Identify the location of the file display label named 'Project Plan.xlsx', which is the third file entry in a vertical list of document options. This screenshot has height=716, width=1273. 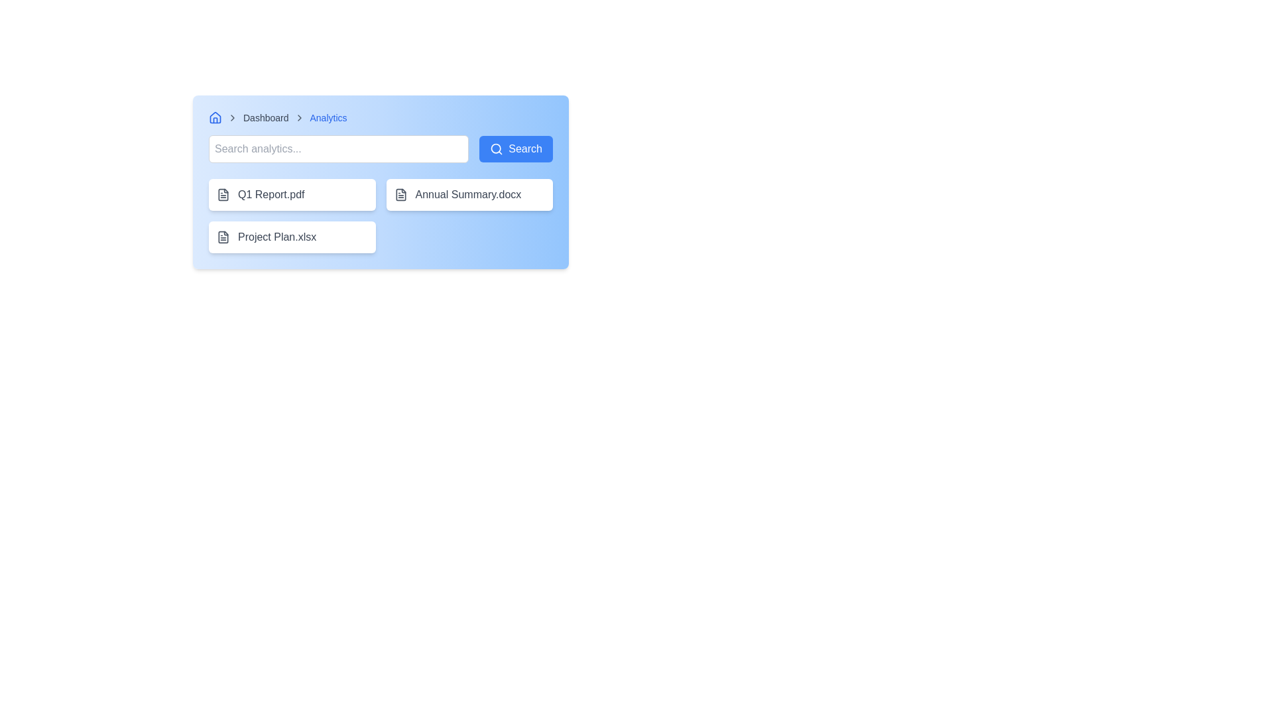
(276, 237).